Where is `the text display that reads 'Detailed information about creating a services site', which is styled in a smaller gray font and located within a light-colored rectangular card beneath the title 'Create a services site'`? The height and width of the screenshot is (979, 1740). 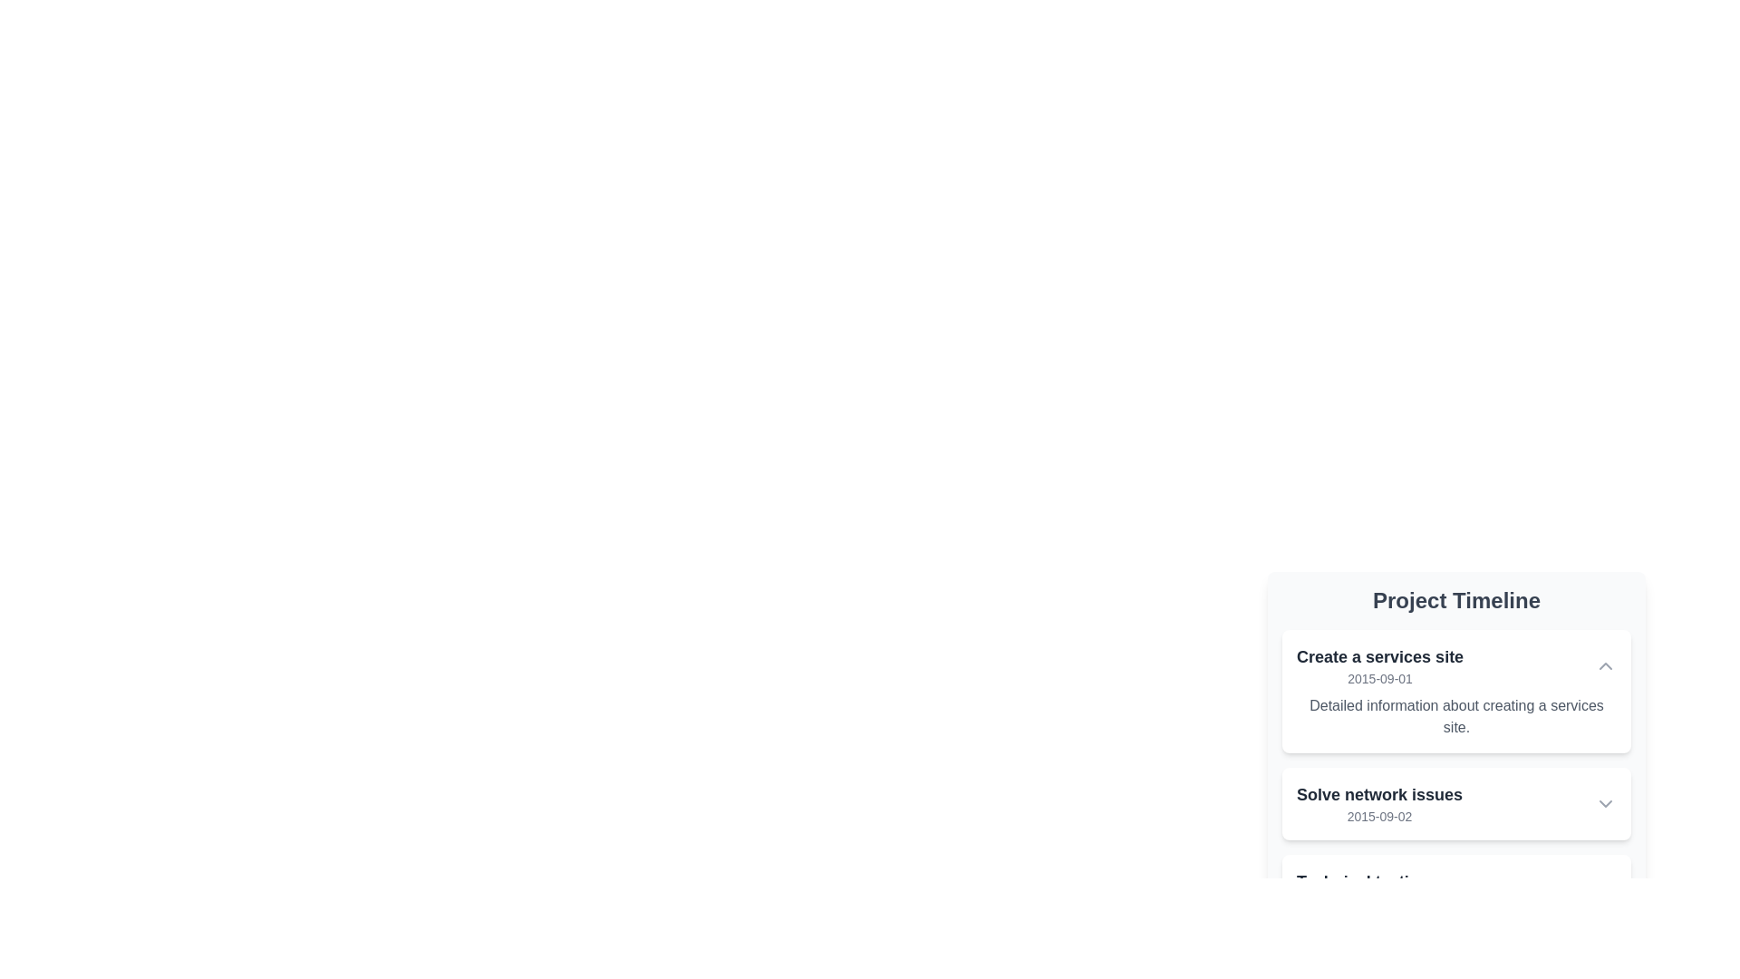 the text display that reads 'Detailed information about creating a services site', which is styled in a smaller gray font and located within a light-colored rectangular card beneath the title 'Create a services site' is located at coordinates (1456, 715).